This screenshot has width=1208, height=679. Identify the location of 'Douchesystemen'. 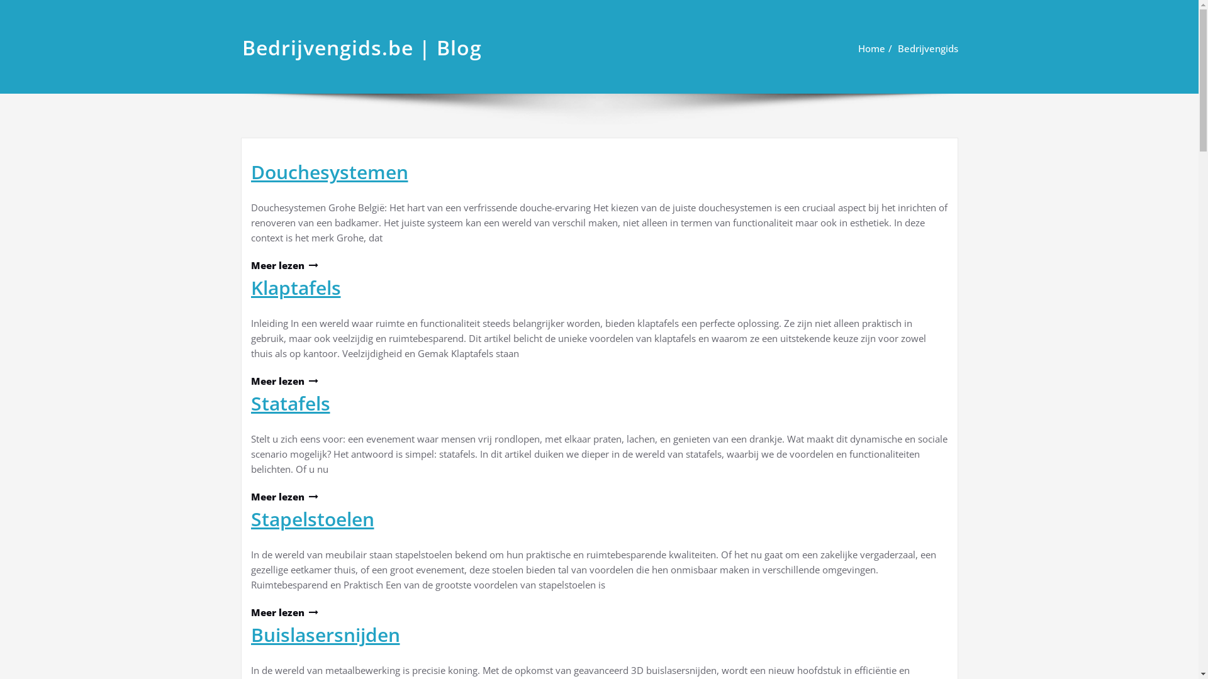
(329, 172).